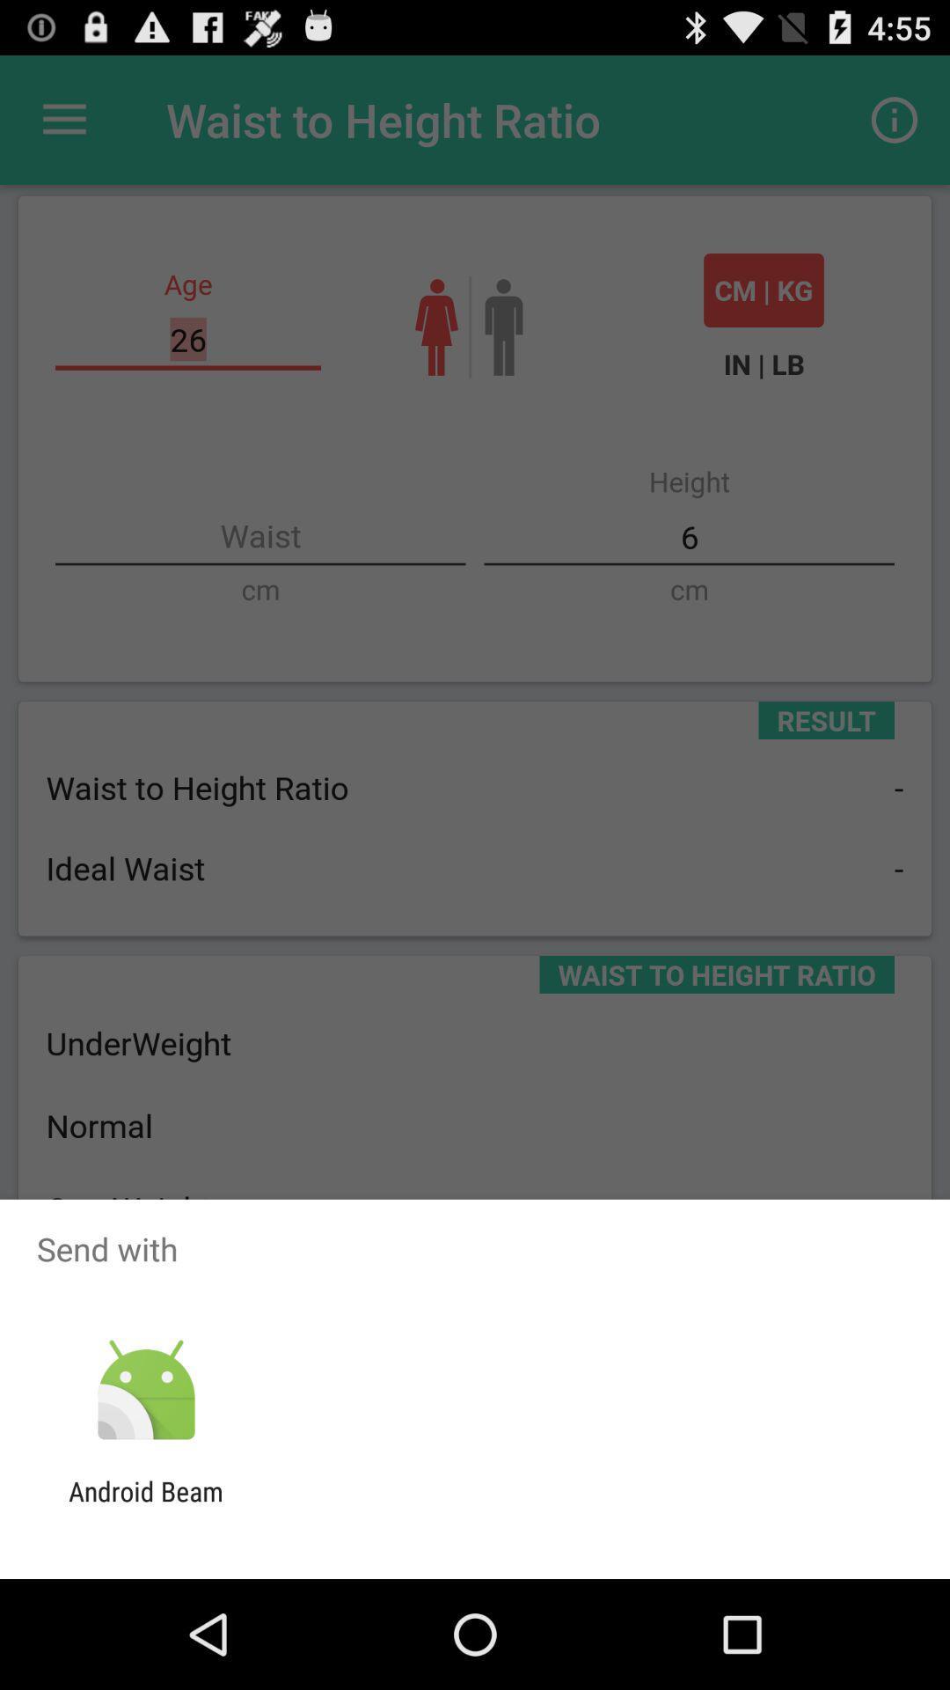 The height and width of the screenshot is (1690, 950). Describe the element at coordinates (145, 1506) in the screenshot. I see `android beam app` at that location.